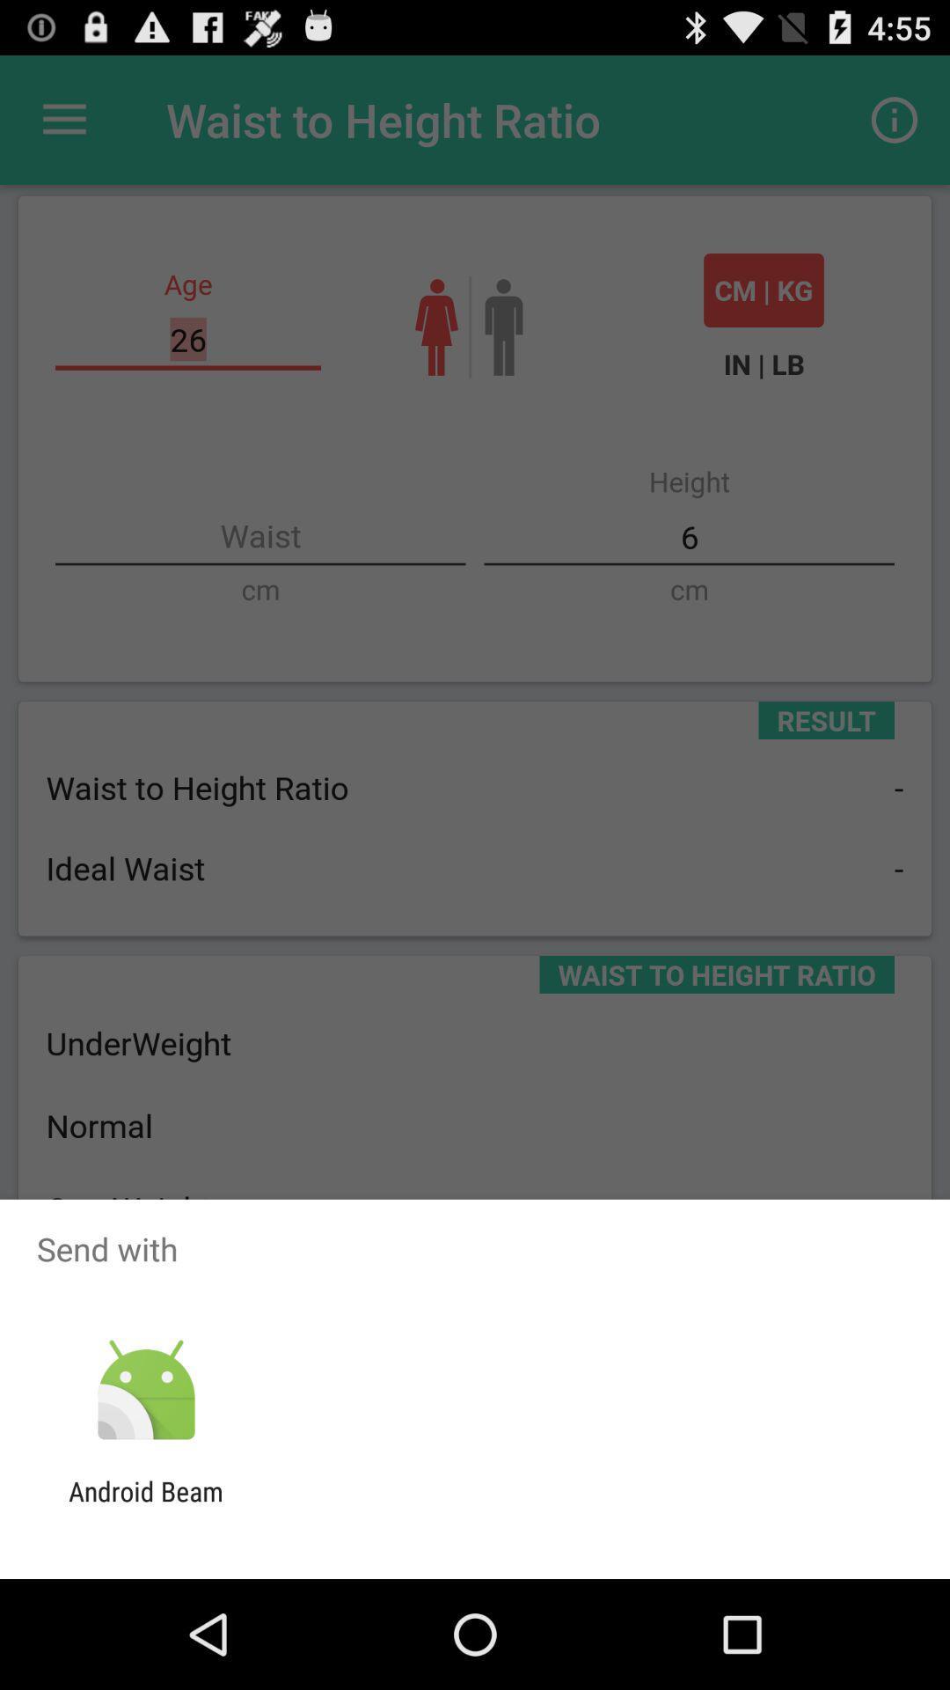 The height and width of the screenshot is (1690, 950). Describe the element at coordinates (145, 1506) in the screenshot. I see `android beam app` at that location.